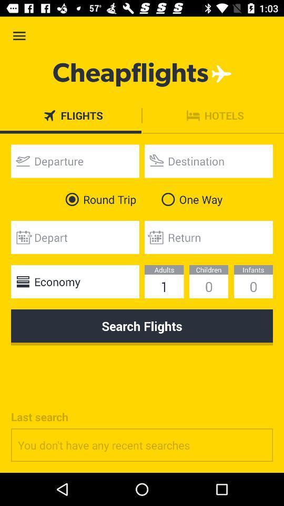 This screenshot has height=506, width=284. What do you see at coordinates (209, 161) in the screenshot?
I see `icon above one way` at bounding box center [209, 161].